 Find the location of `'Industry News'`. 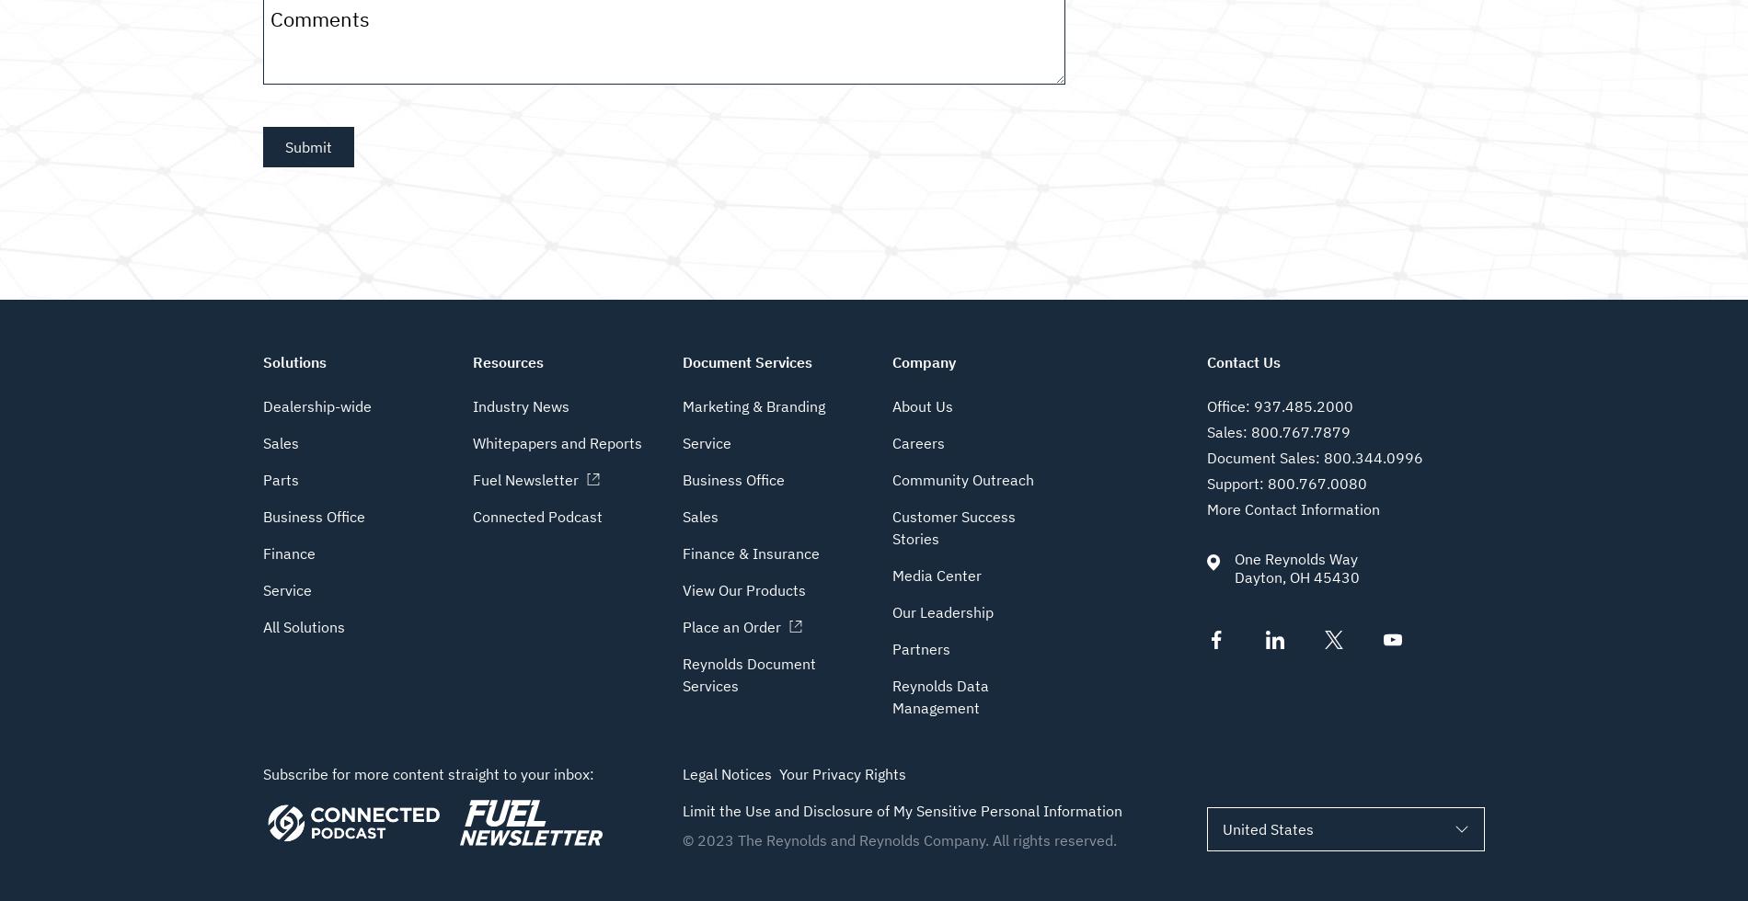

'Industry News' is located at coordinates (472, 405).